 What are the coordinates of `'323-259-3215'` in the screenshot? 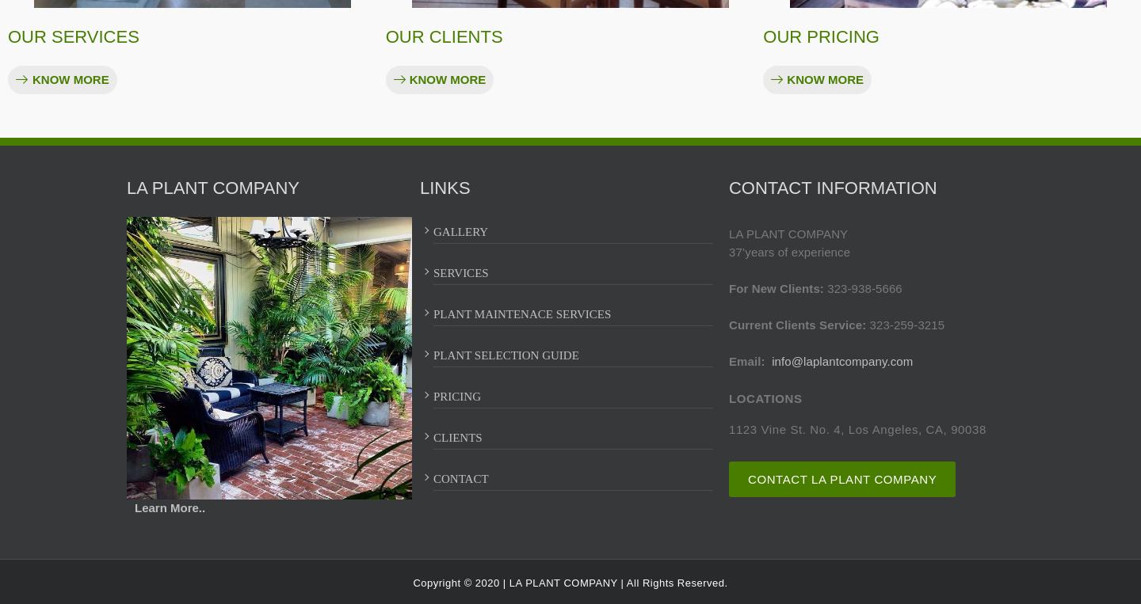 It's located at (906, 324).